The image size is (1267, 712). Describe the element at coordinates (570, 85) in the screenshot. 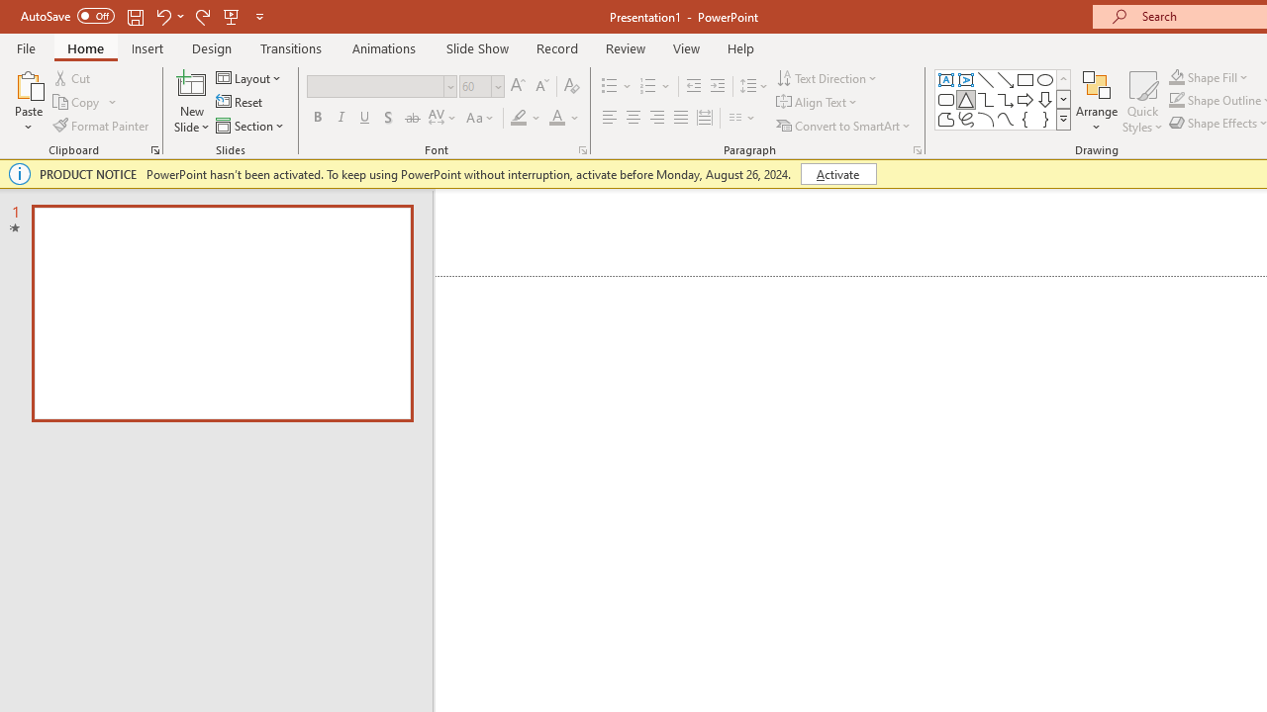

I see `'Clear Formatting'` at that location.